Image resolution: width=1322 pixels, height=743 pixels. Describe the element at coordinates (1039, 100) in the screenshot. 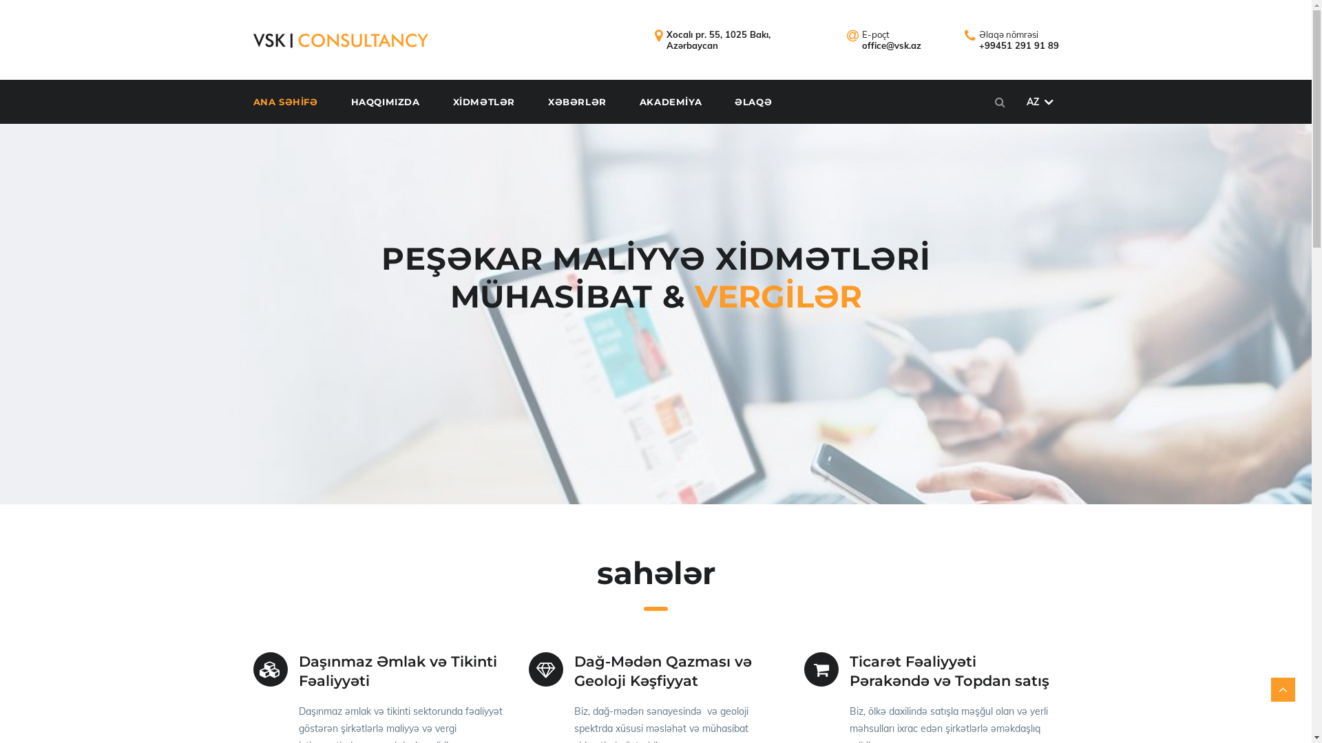

I see `'AZ'` at that location.